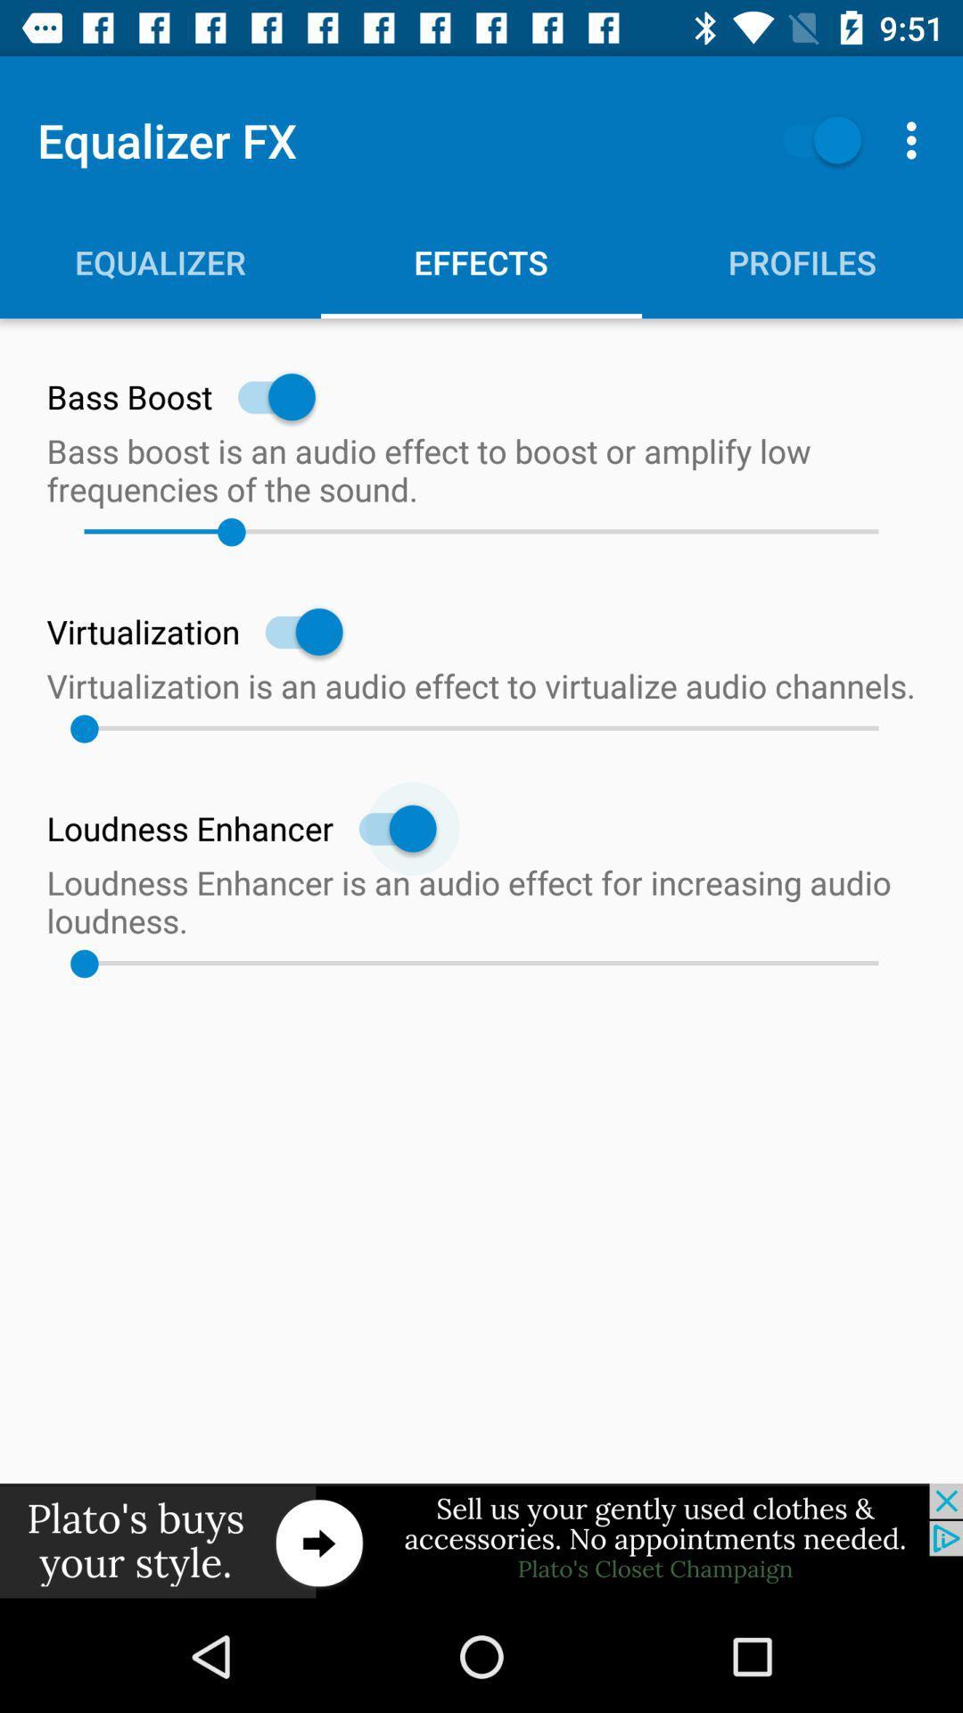 The width and height of the screenshot is (963, 1713). I want to click on adds, so click(481, 1541).